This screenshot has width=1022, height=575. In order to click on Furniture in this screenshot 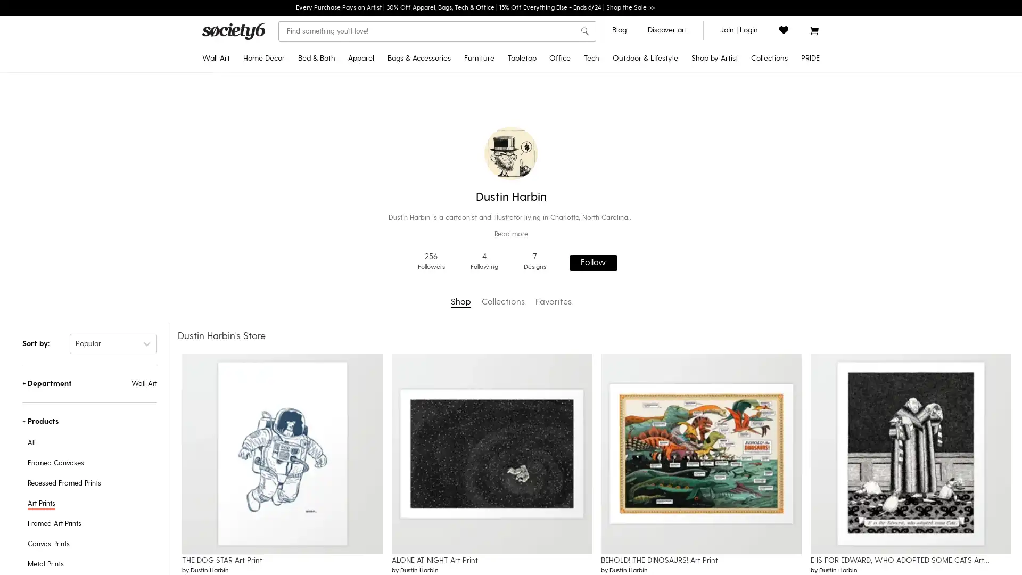, I will do `click(478, 59)`.